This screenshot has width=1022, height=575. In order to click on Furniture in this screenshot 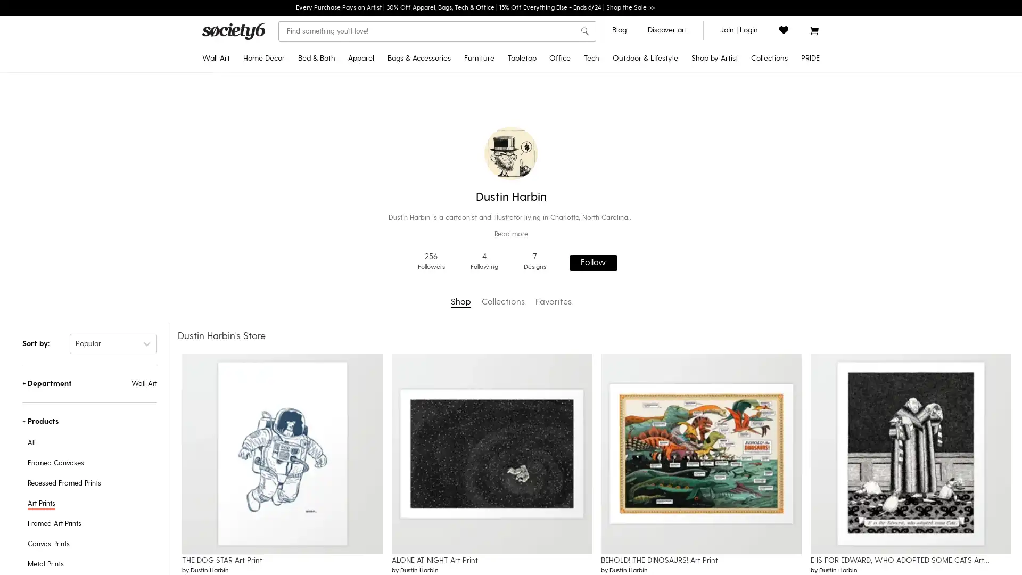, I will do `click(478, 59)`.